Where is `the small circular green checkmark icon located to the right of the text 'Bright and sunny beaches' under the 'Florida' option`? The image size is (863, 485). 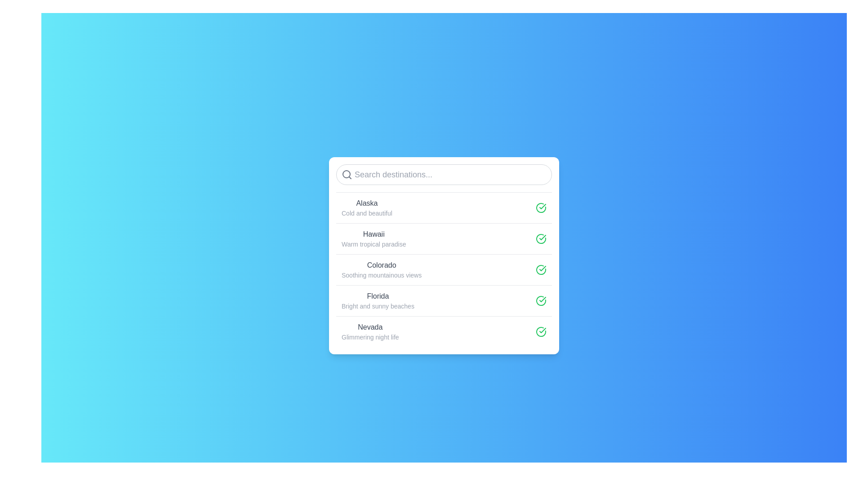 the small circular green checkmark icon located to the right of the text 'Bright and sunny beaches' under the 'Florida' option is located at coordinates (541, 300).